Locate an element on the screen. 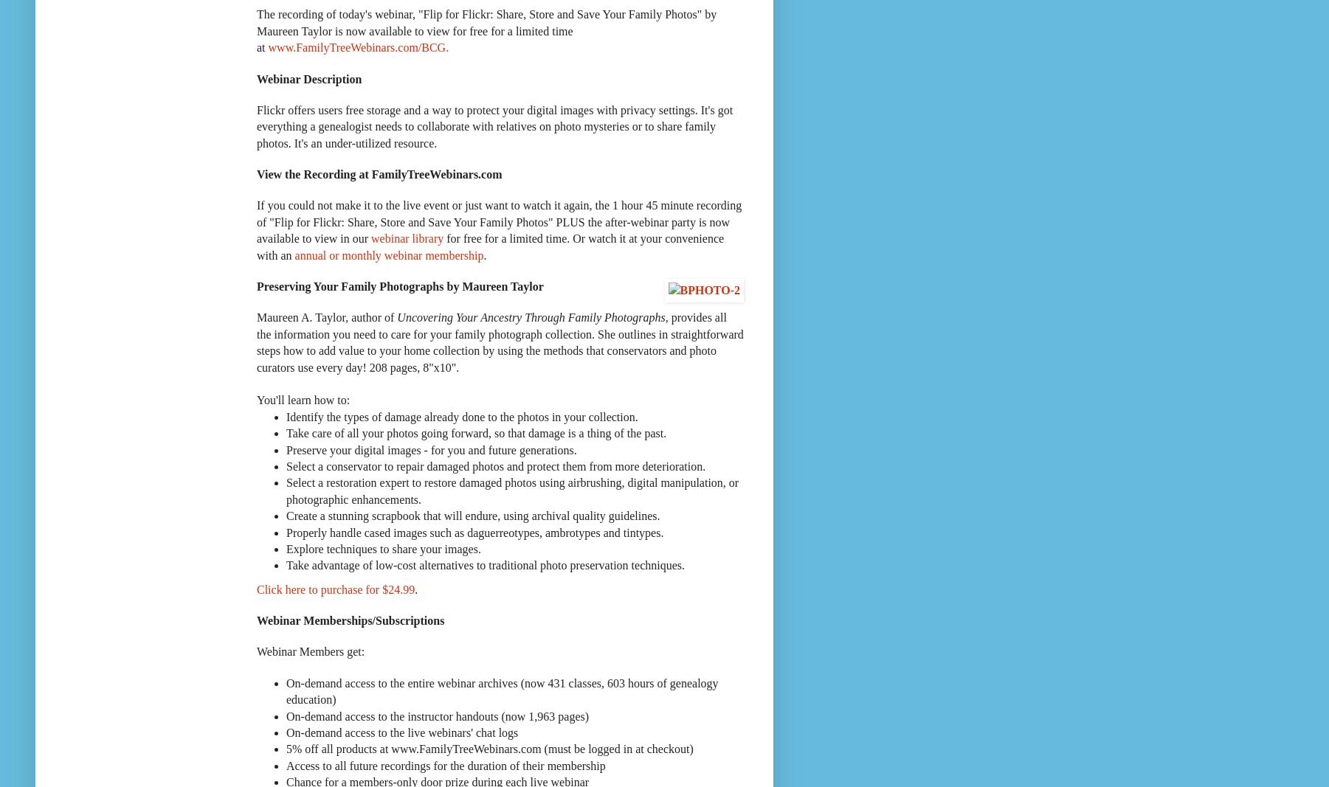  'annual or monthly webinar membership' is located at coordinates (388, 254).